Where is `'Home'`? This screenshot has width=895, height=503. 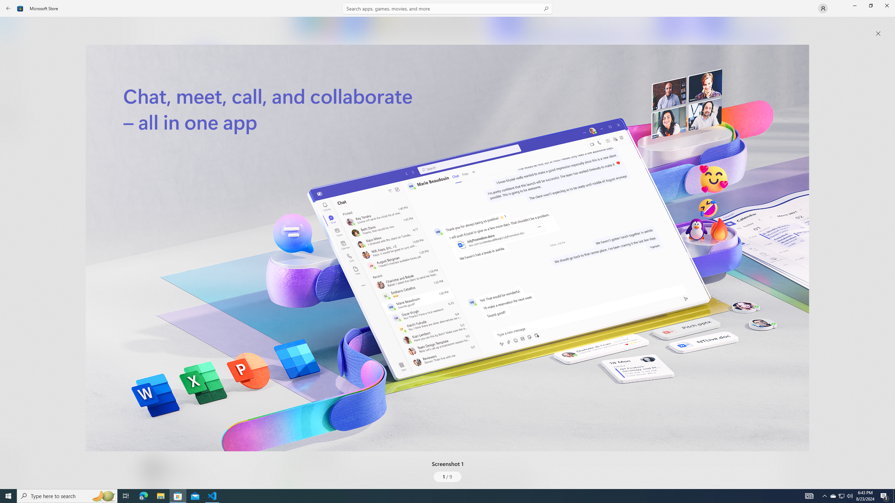
'Home' is located at coordinates (12, 27).